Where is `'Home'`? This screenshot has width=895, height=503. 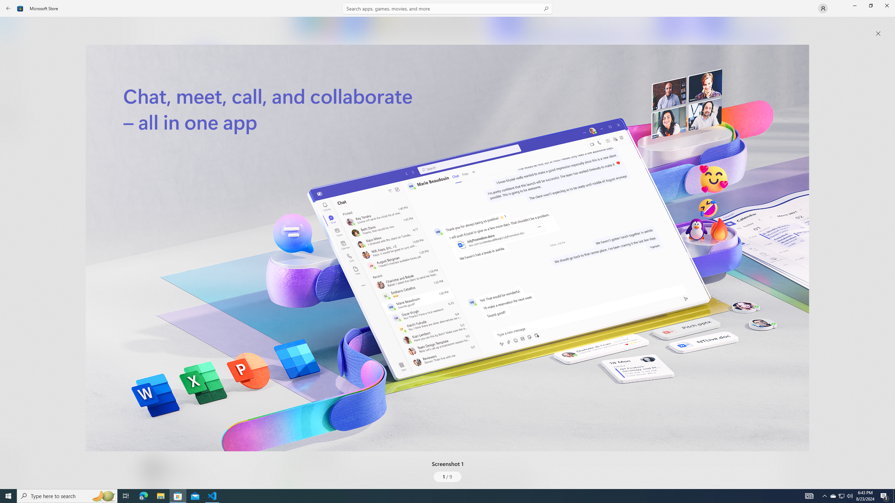
'Home' is located at coordinates (12, 27).